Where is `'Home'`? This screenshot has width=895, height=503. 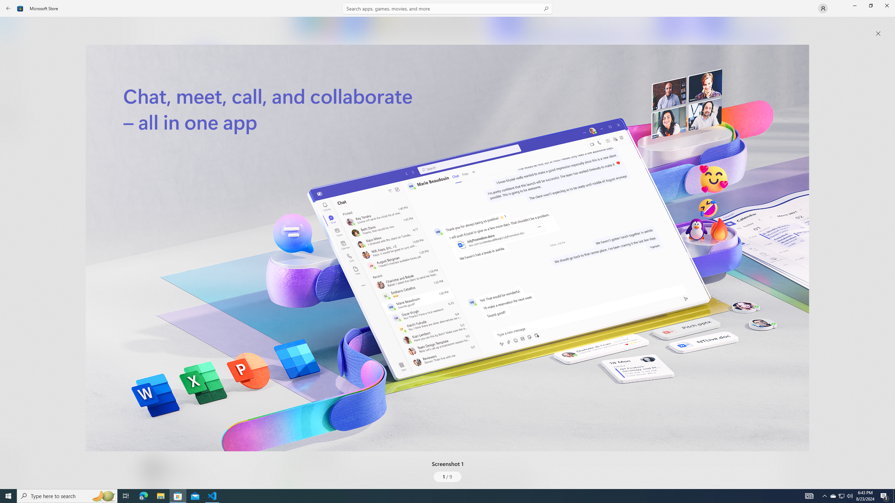
'Home' is located at coordinates (12, 27).